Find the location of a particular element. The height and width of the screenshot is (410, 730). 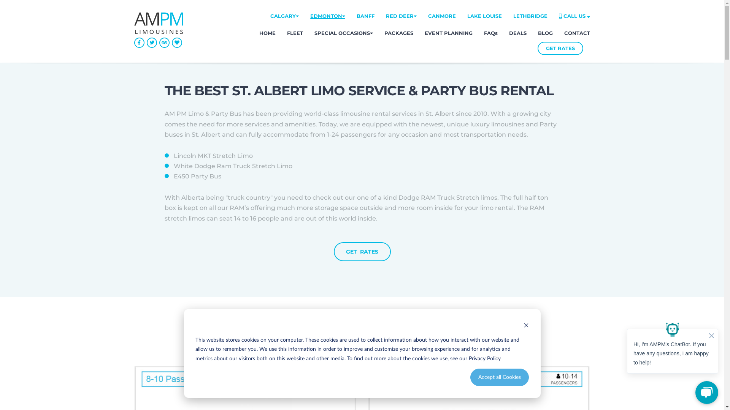

'logo-ampm' is located at coordinates (158, 23).